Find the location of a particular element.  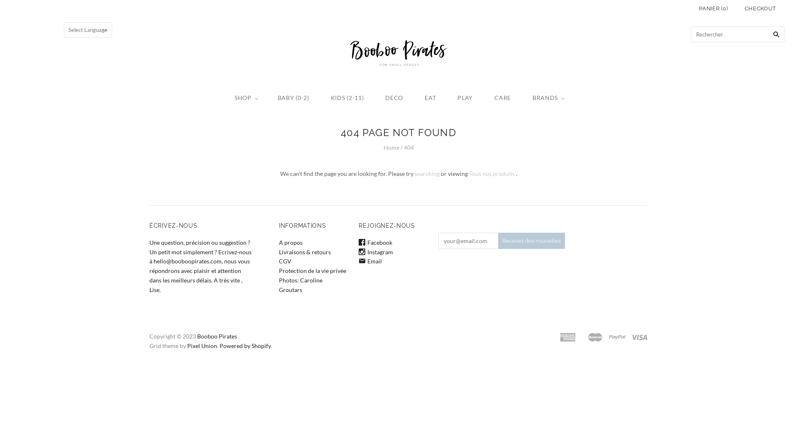

'BRANDS' is located at coordinates (548, 97).